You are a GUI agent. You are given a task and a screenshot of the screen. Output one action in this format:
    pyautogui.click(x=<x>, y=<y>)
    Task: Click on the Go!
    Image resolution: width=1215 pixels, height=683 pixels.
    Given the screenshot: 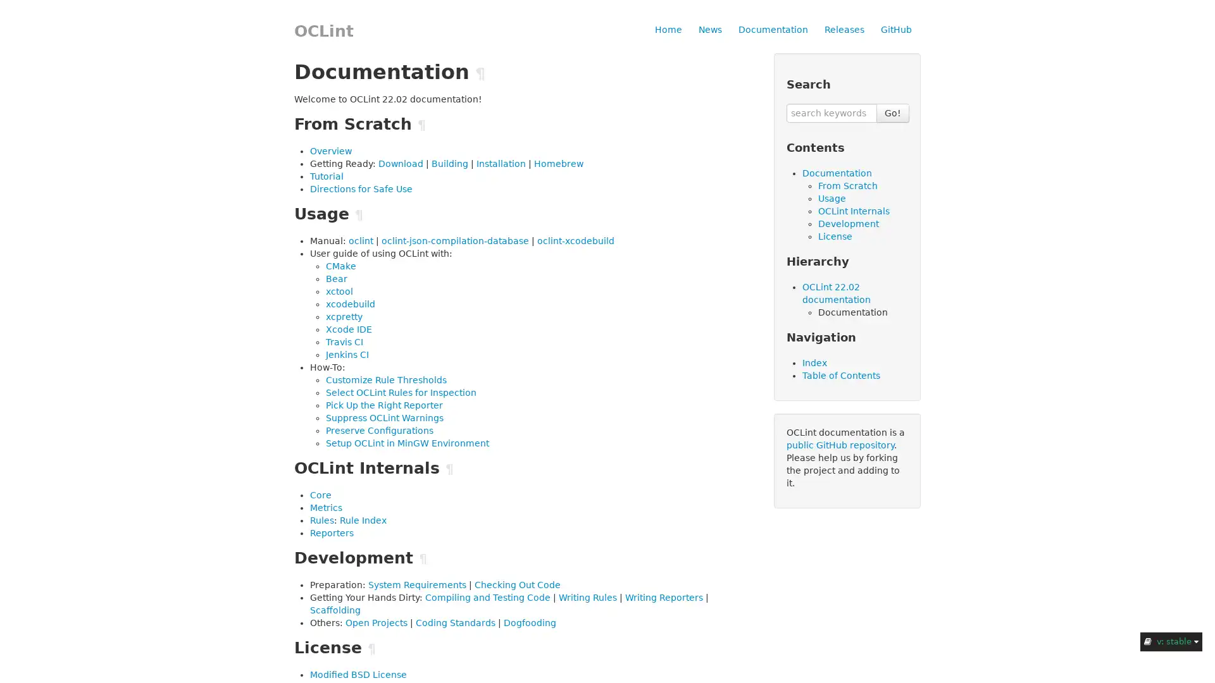 What is the action you would take?
    pyautogui.click(x=892, y=112)
    